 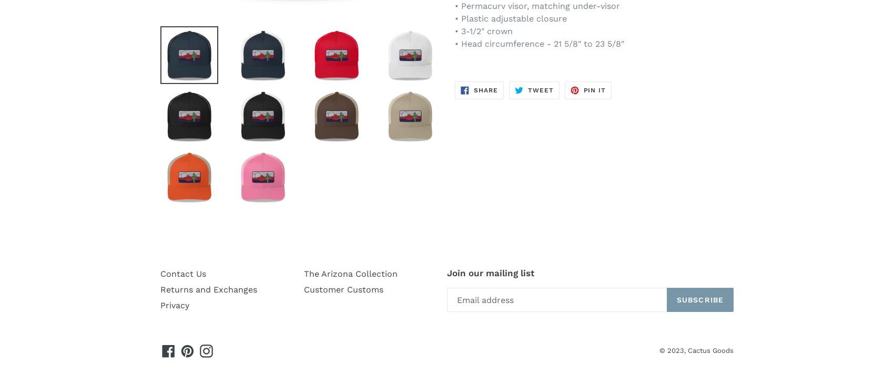 What do you see at coordinates (539, 44) in the screenshot?
I see `'• Head circumference - 21 5/8" to 23 5/8"'` at bounding box center [539, 44].